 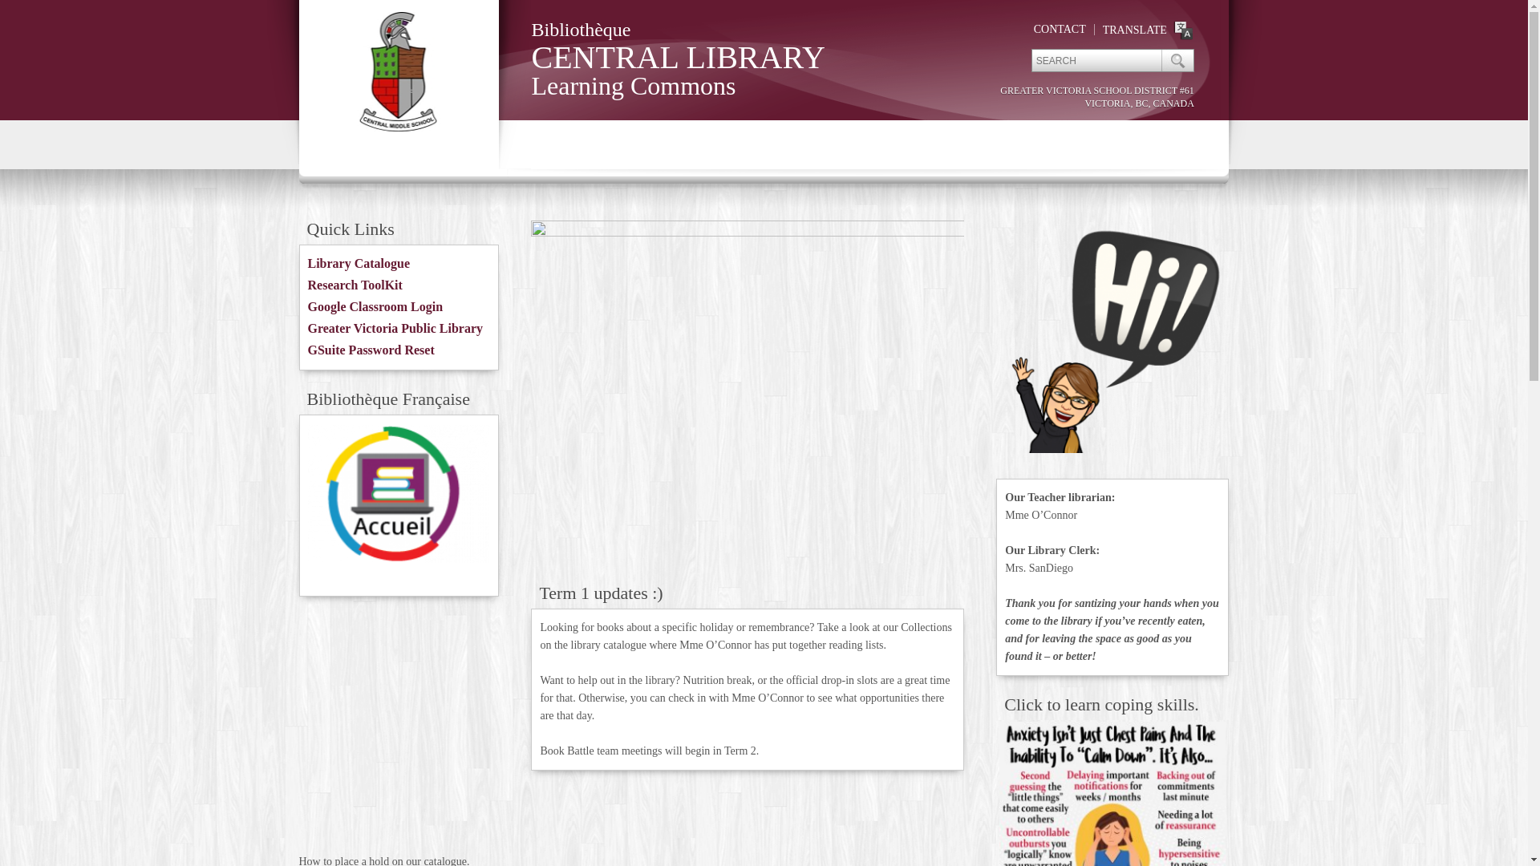 What do you see at coordinates (399, 729) in the screenshot?
I see `'Place a Hold with Destiny Discover'` at bounding box center [399, 729].